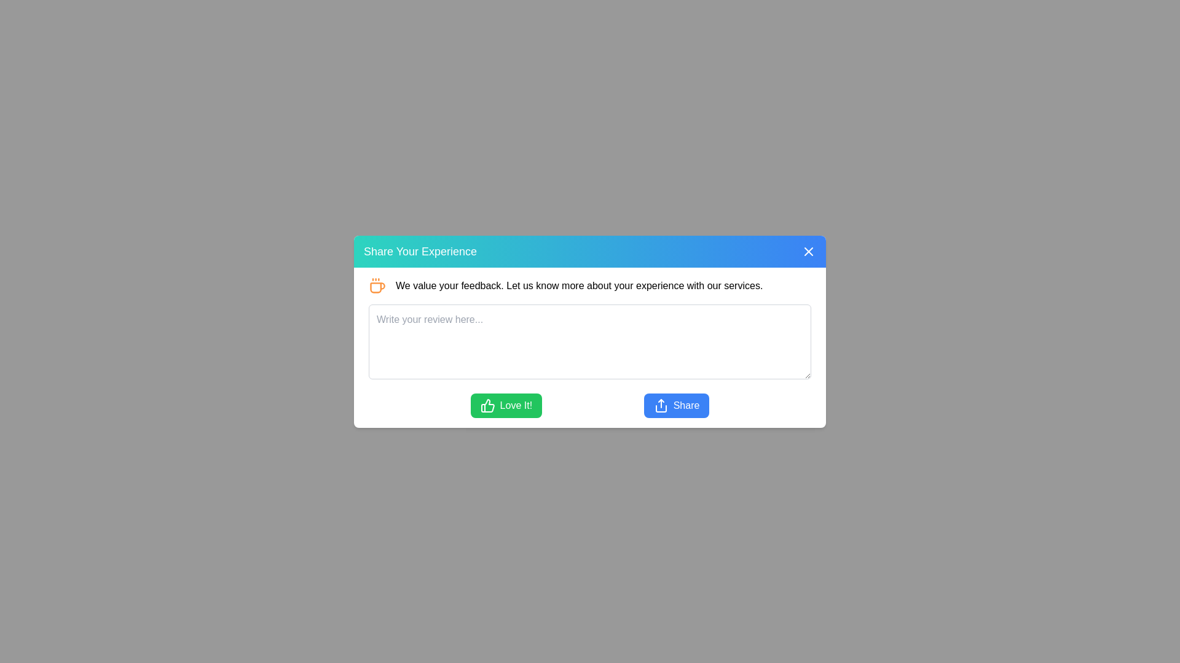 The width and height of the screenshot is (1180, 663). I want to click on the green button labeled 'Love It!' which contains an SVG icon of a thumbs-up hand gesture, so click(487, 405).